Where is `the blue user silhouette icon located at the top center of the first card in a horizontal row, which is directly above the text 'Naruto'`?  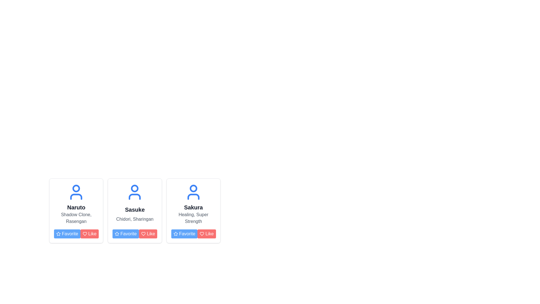
the blue user silhouette icon located at the top center of the first card in a horizontal row, which is directly above the text 'Naruto' is located at coordinates (76, 192).